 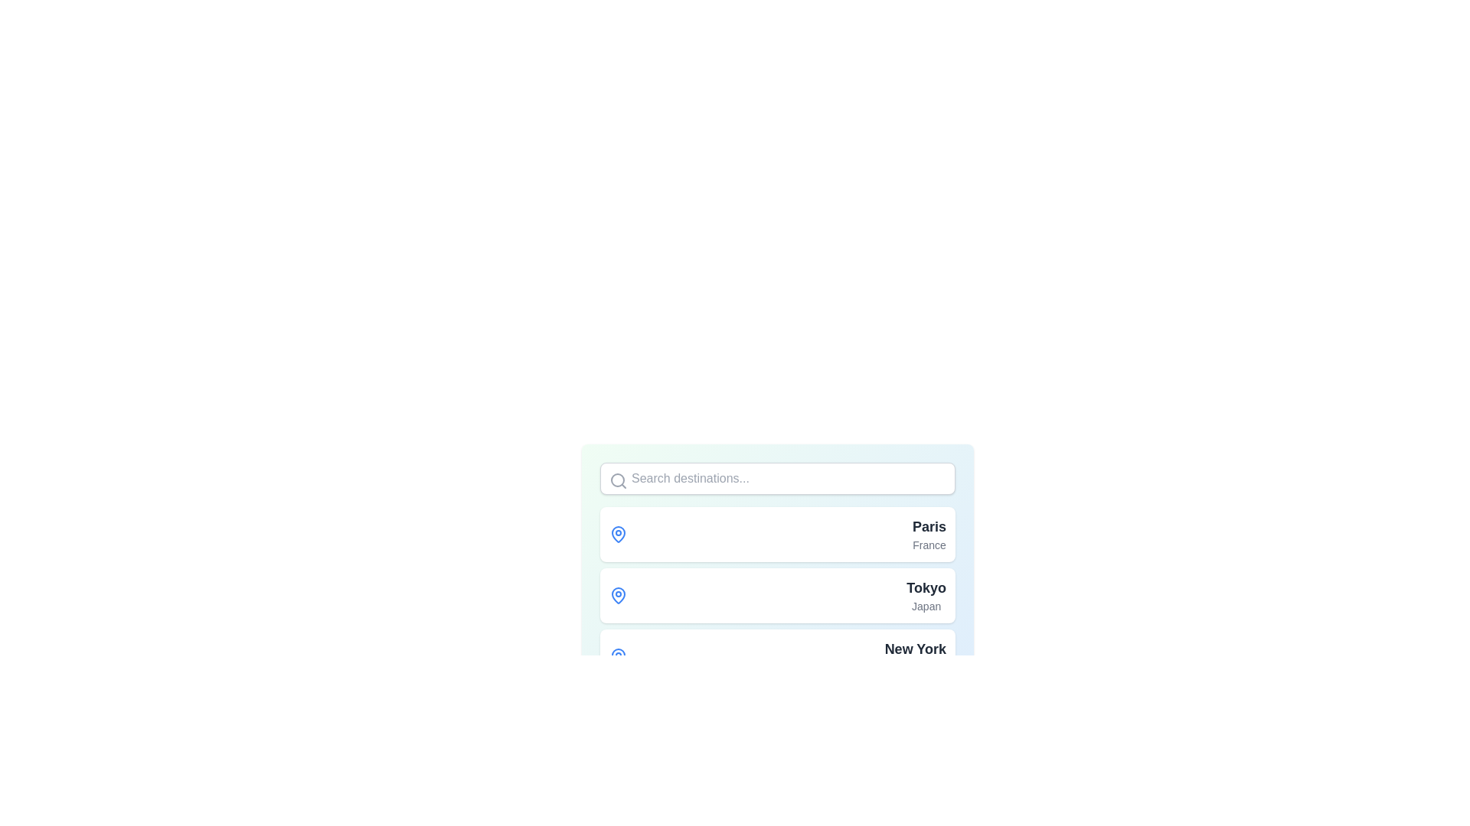 What do you see at coordinates (618, 533) in the screenshot?
I see `the geographic location icon for 'Paris, France', which is positioned to the left of the text in the first row of the destination list` at bounding box center [618, 533].